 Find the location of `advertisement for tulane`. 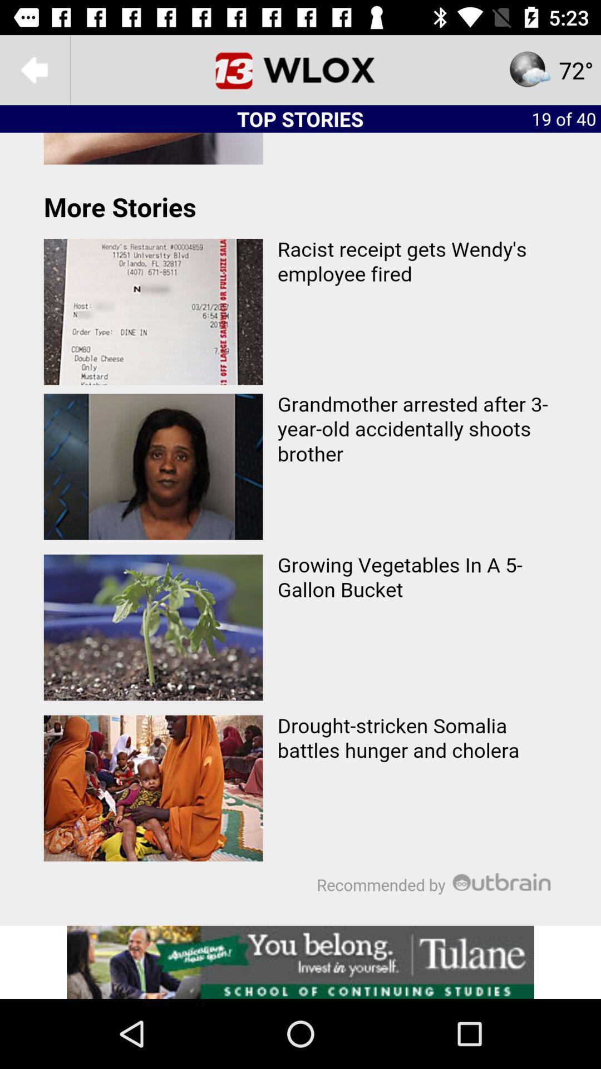

advertisement for tulane is located at coordinates (300, 962).